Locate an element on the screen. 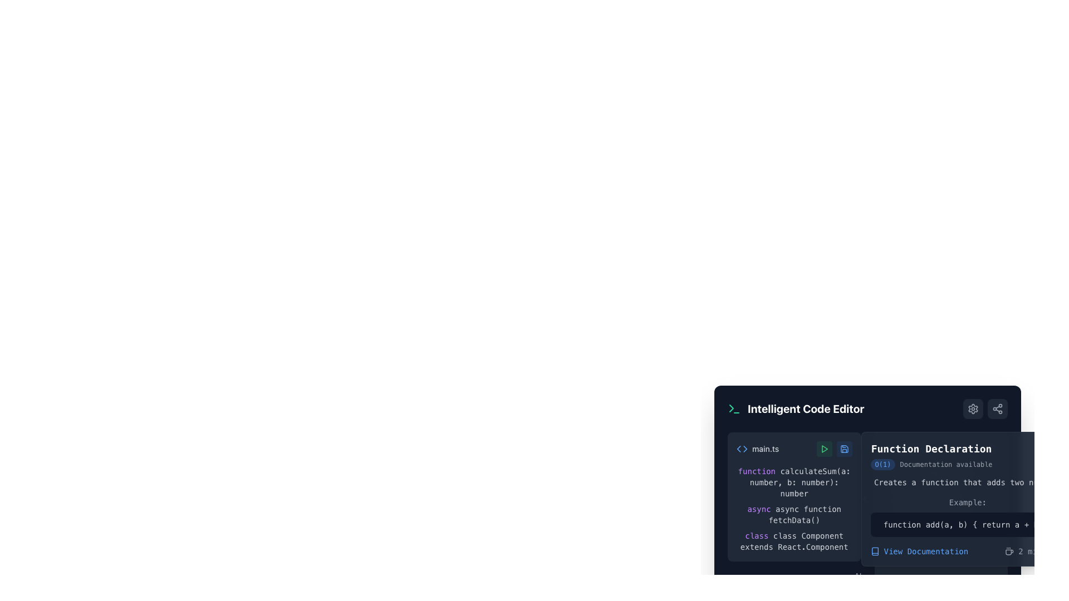  the Label/Badge indicating algorithmic complexity or efficiency, which is positioned to the far left of the text 'Documentation available' is located at coordinates (882, 464).